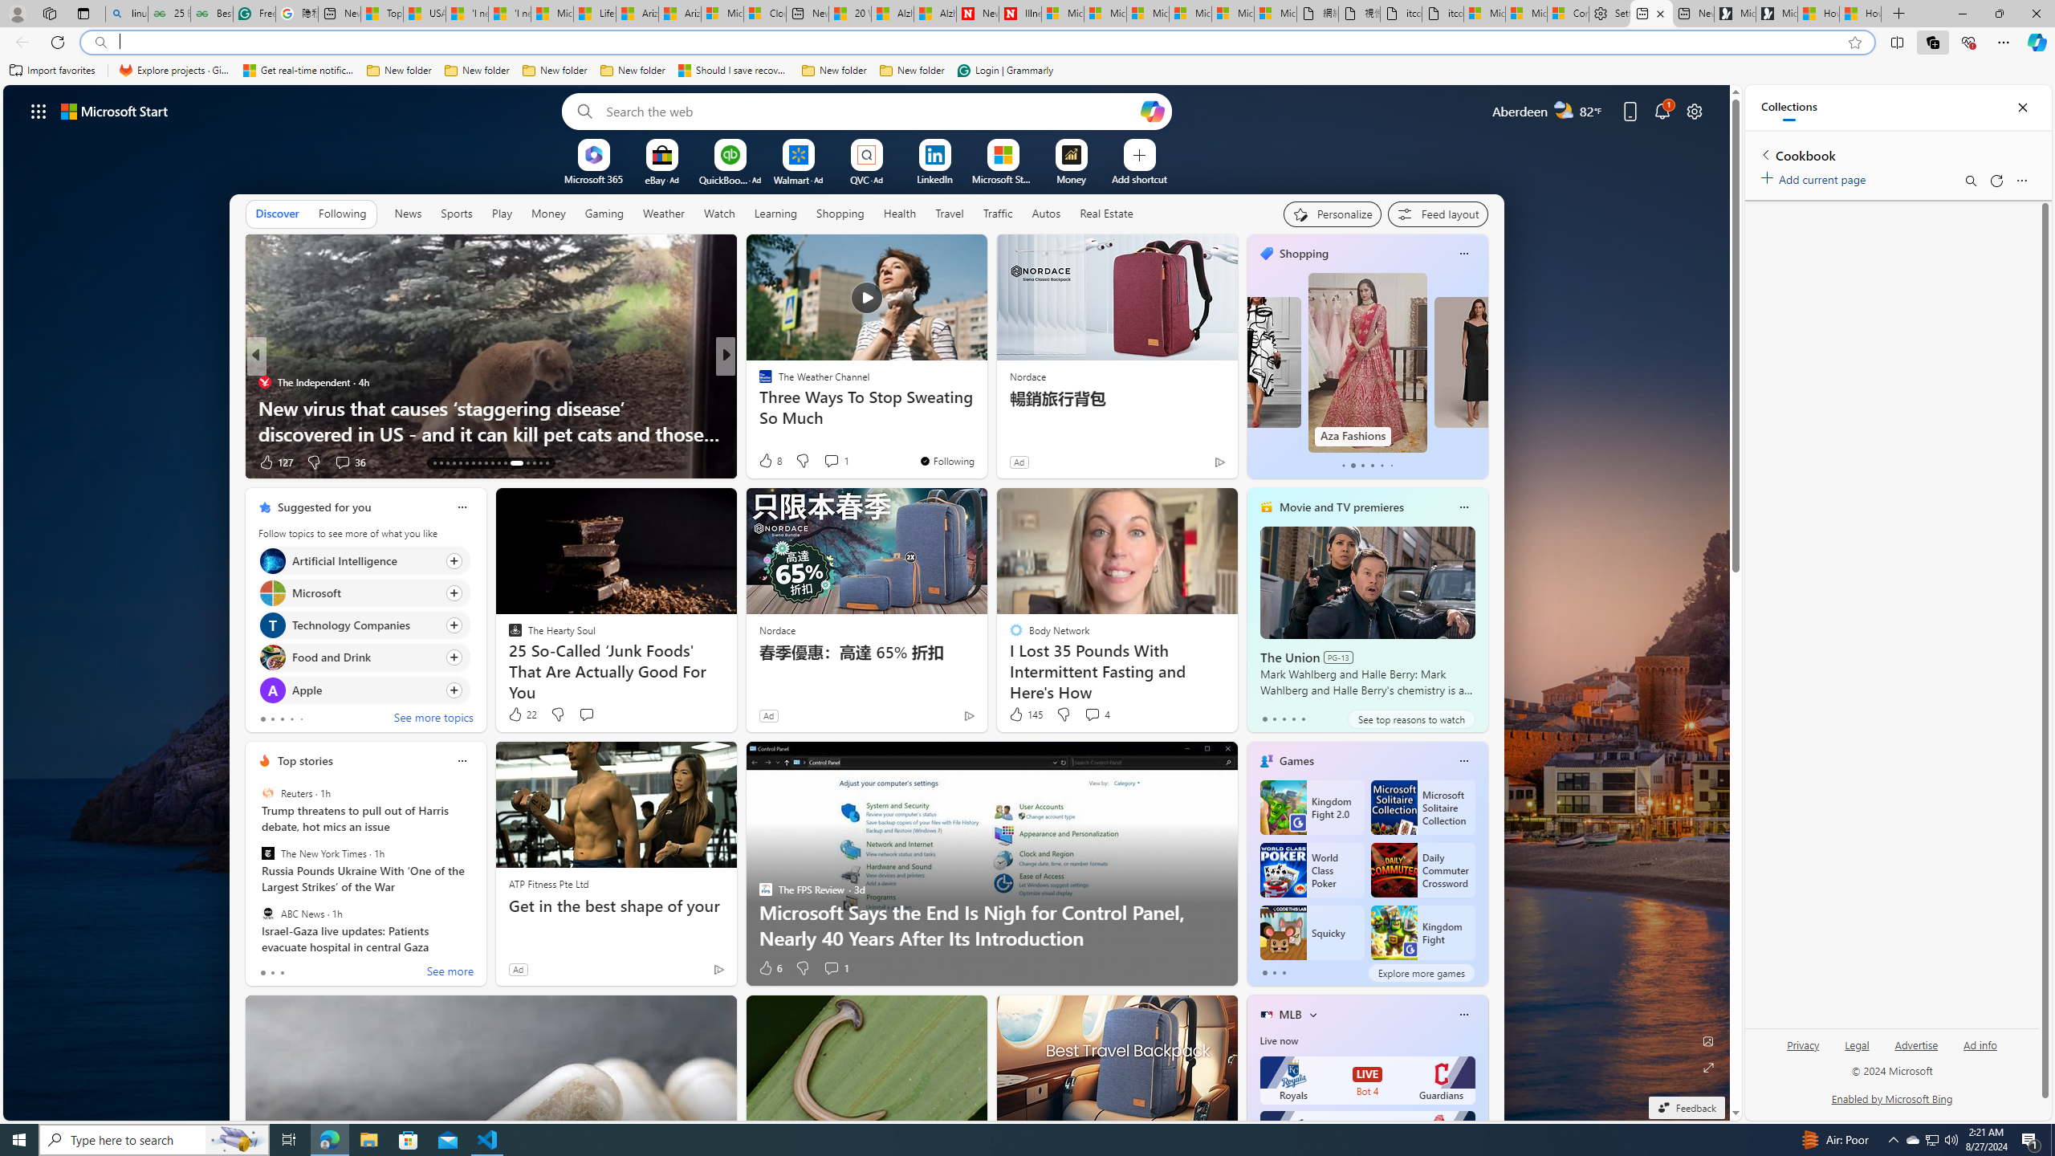 This screenshot has width=2055, height=1156. I want to click on 'View comments 4 Comment', so click(1092, 713).